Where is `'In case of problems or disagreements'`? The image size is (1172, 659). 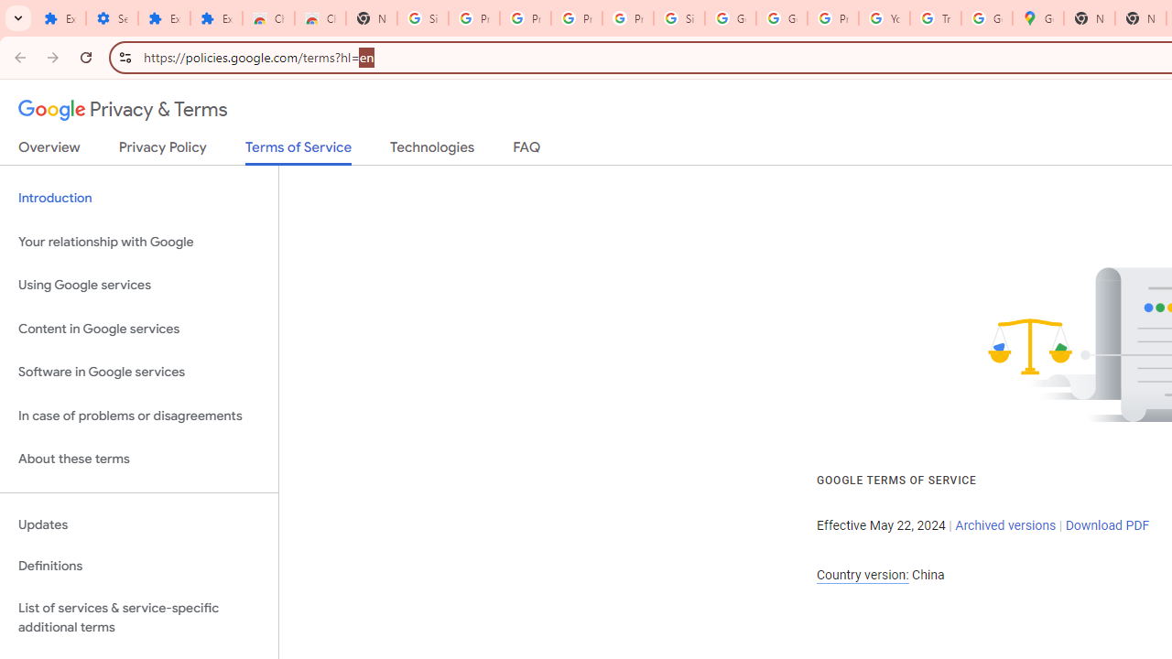 'In case of problems or disagreements' is located at coordinates (138, 416).